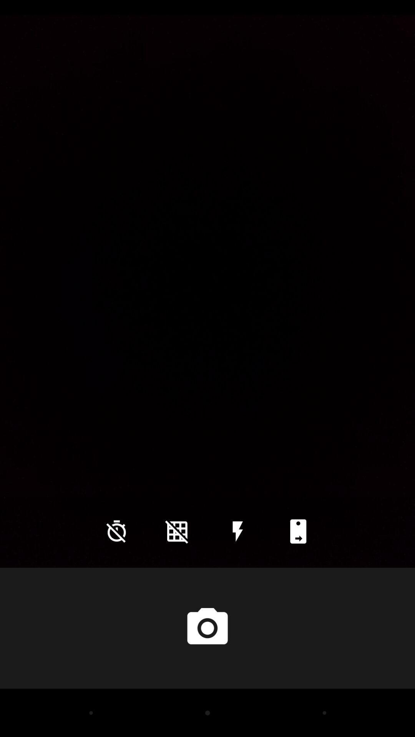 This screenshot has height=737, width=415. Describe the element at coordinates (116, 531) in the screenshot. I see `icon at the bottom left corner` at that location.